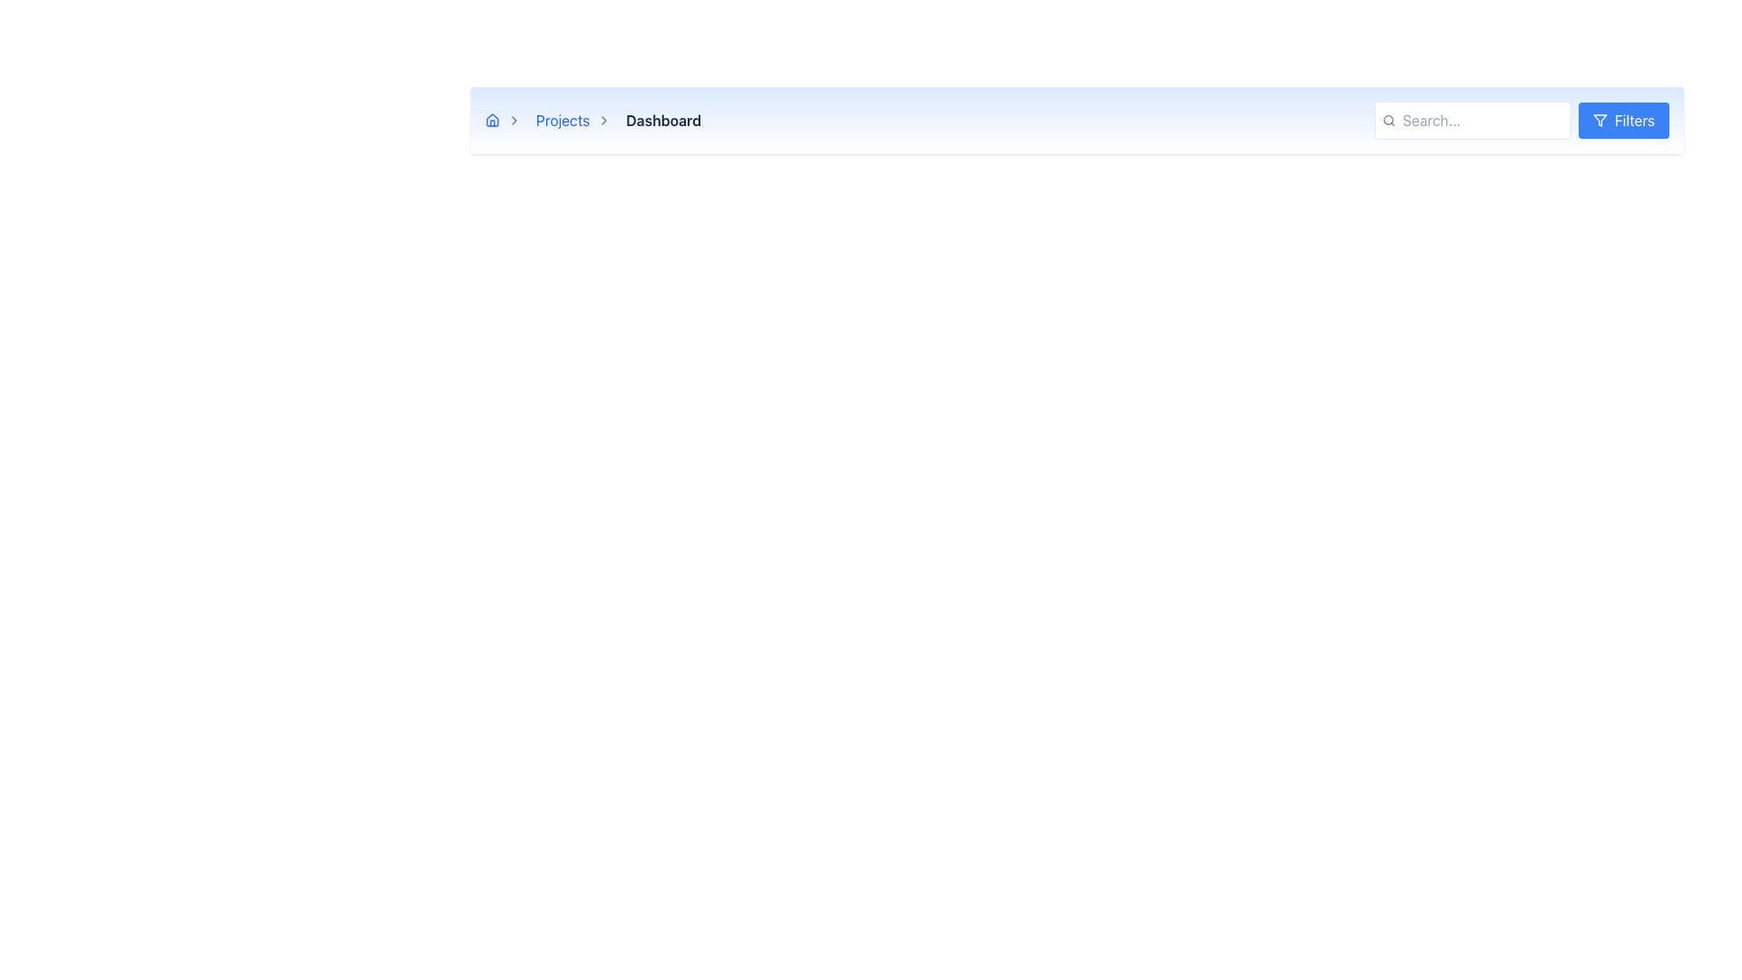 The height and width of the screenshot is (980, 1742). I want to click on the 'Filters' button located in the top-right corner of the interface header, which contains the filter icon on the left side, so click(1600, 120).